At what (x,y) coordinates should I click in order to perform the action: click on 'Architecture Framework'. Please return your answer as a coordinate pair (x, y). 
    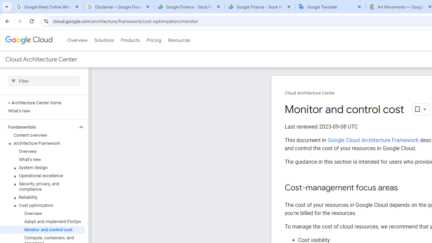
    Looking at the image, I should click on (42, 143).